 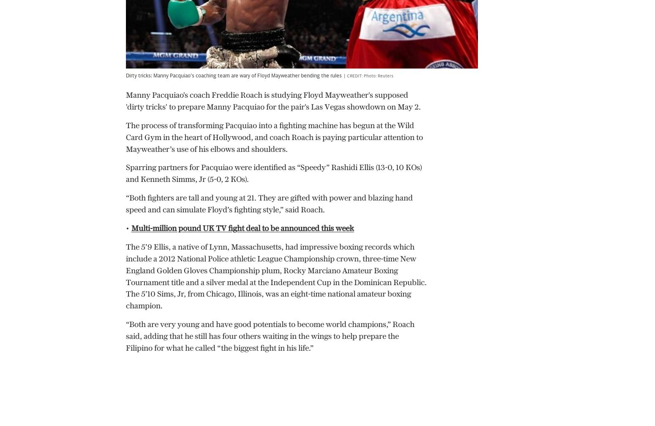 What do you see at coordinates (171, 399) in the screenshot?
I see `'Modern Slavery'` at bounding box center [171, 399].